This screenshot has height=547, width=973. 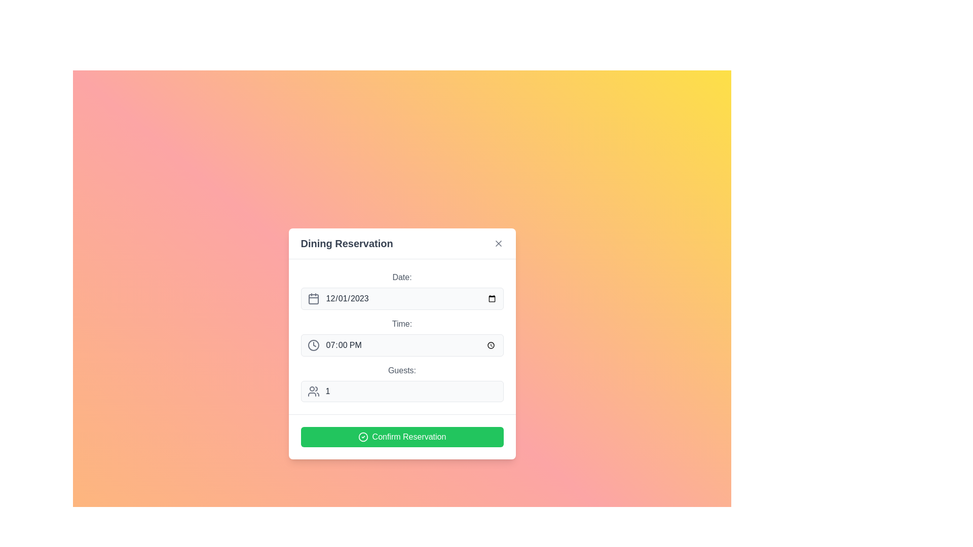 I want to click on the 'Time' field of the reservation form to set the time, so click(x=401, y=343).